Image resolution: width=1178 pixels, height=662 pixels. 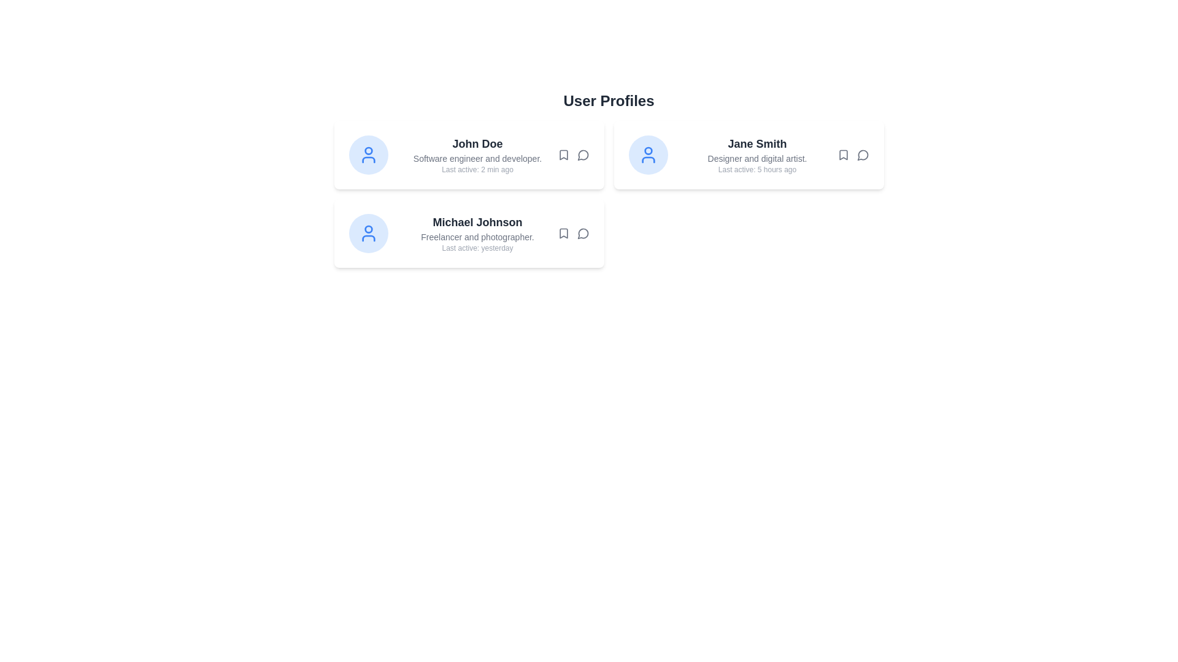 I want to click on the message icon located in the top-right corner of John Doe's profile card, next to the textual description, so click(x=572, y=154).